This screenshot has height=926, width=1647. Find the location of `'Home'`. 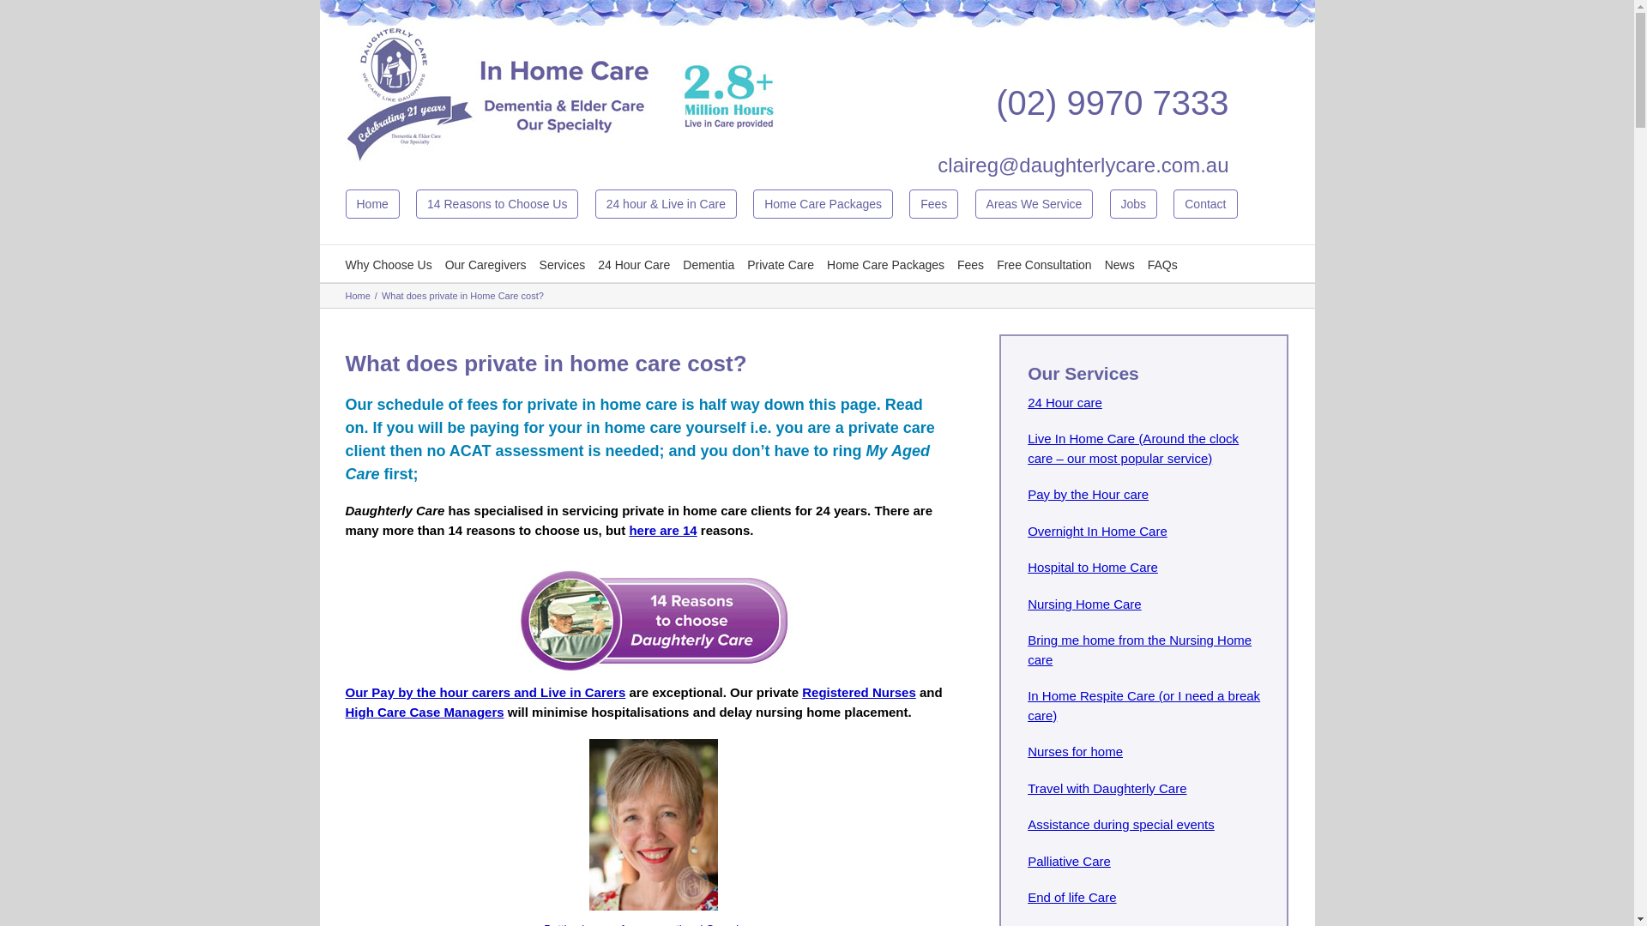

'Home' is located at coordinates (356, 294).